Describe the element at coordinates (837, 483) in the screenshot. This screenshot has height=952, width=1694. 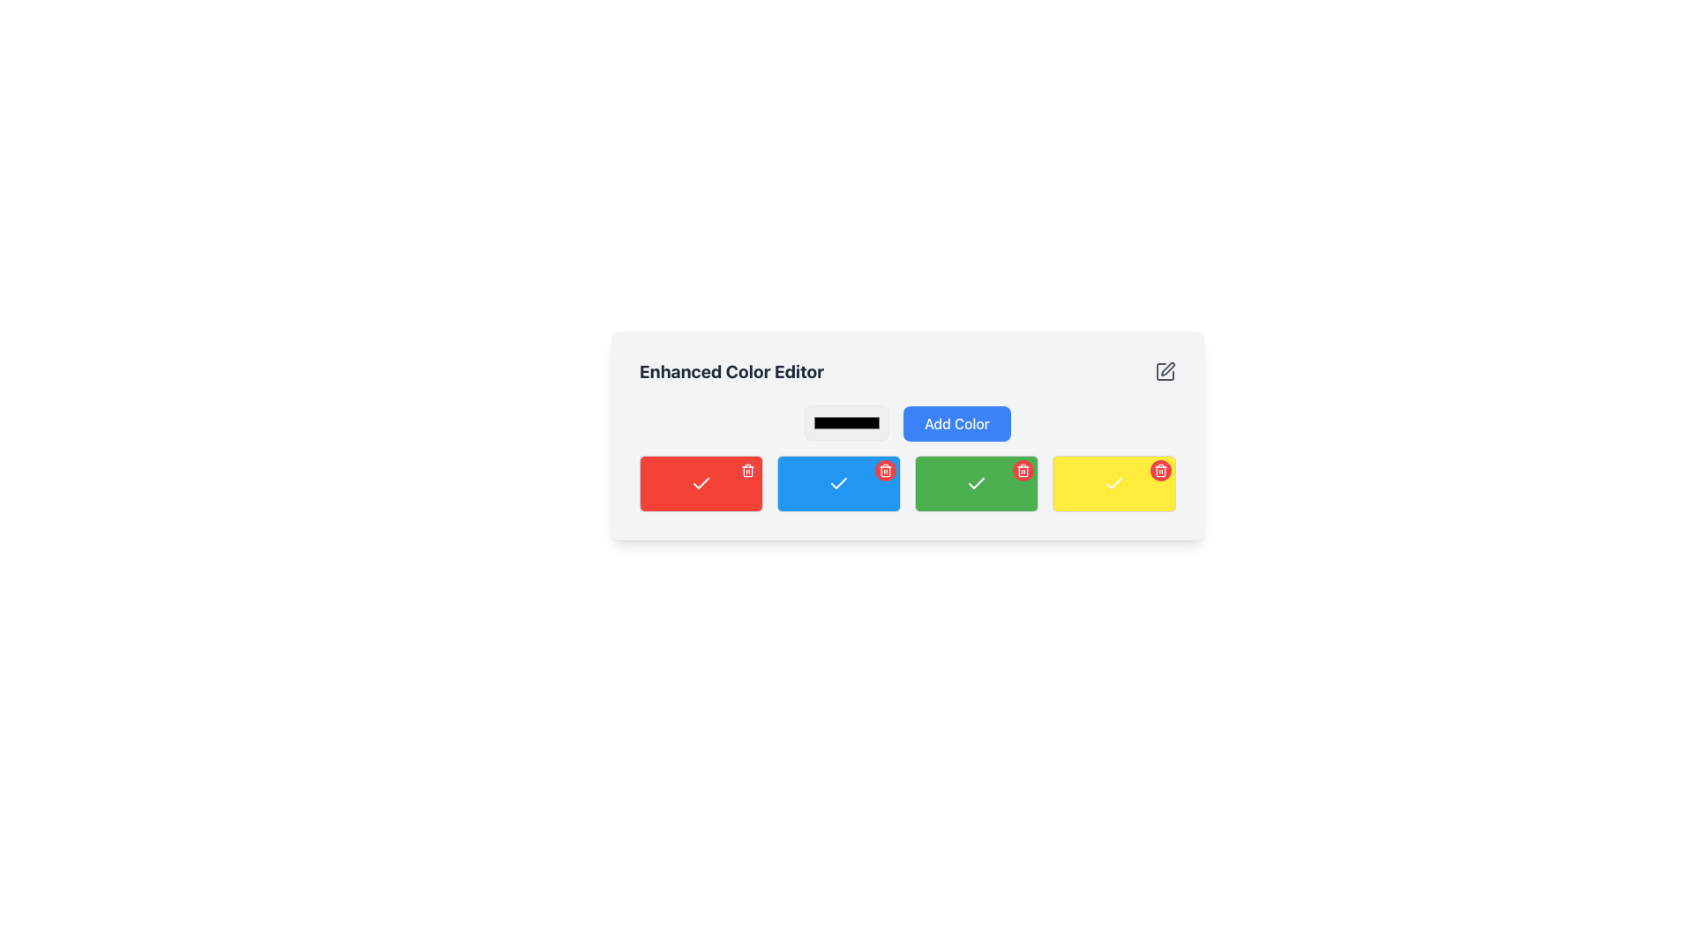
I see `the blue button containing the checkmark icon, which serves as a visual confirmation indicator for approval or selection` at that location.